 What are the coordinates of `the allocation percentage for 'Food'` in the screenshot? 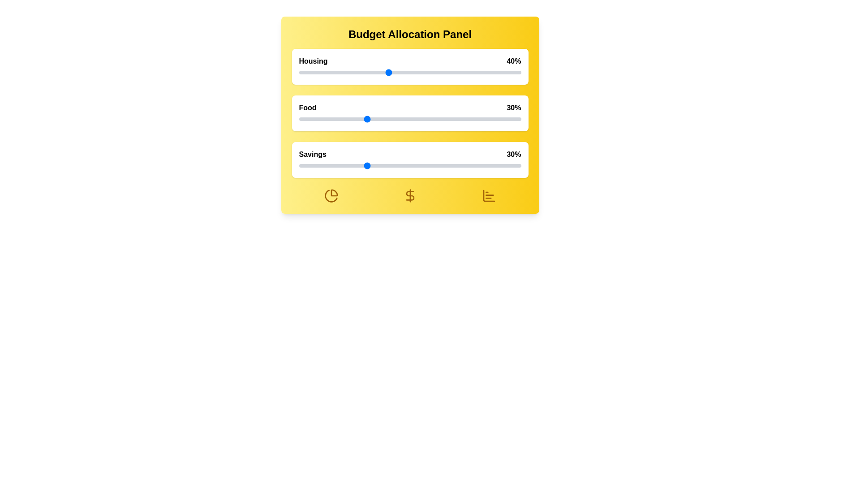 It's located at (379, 119).